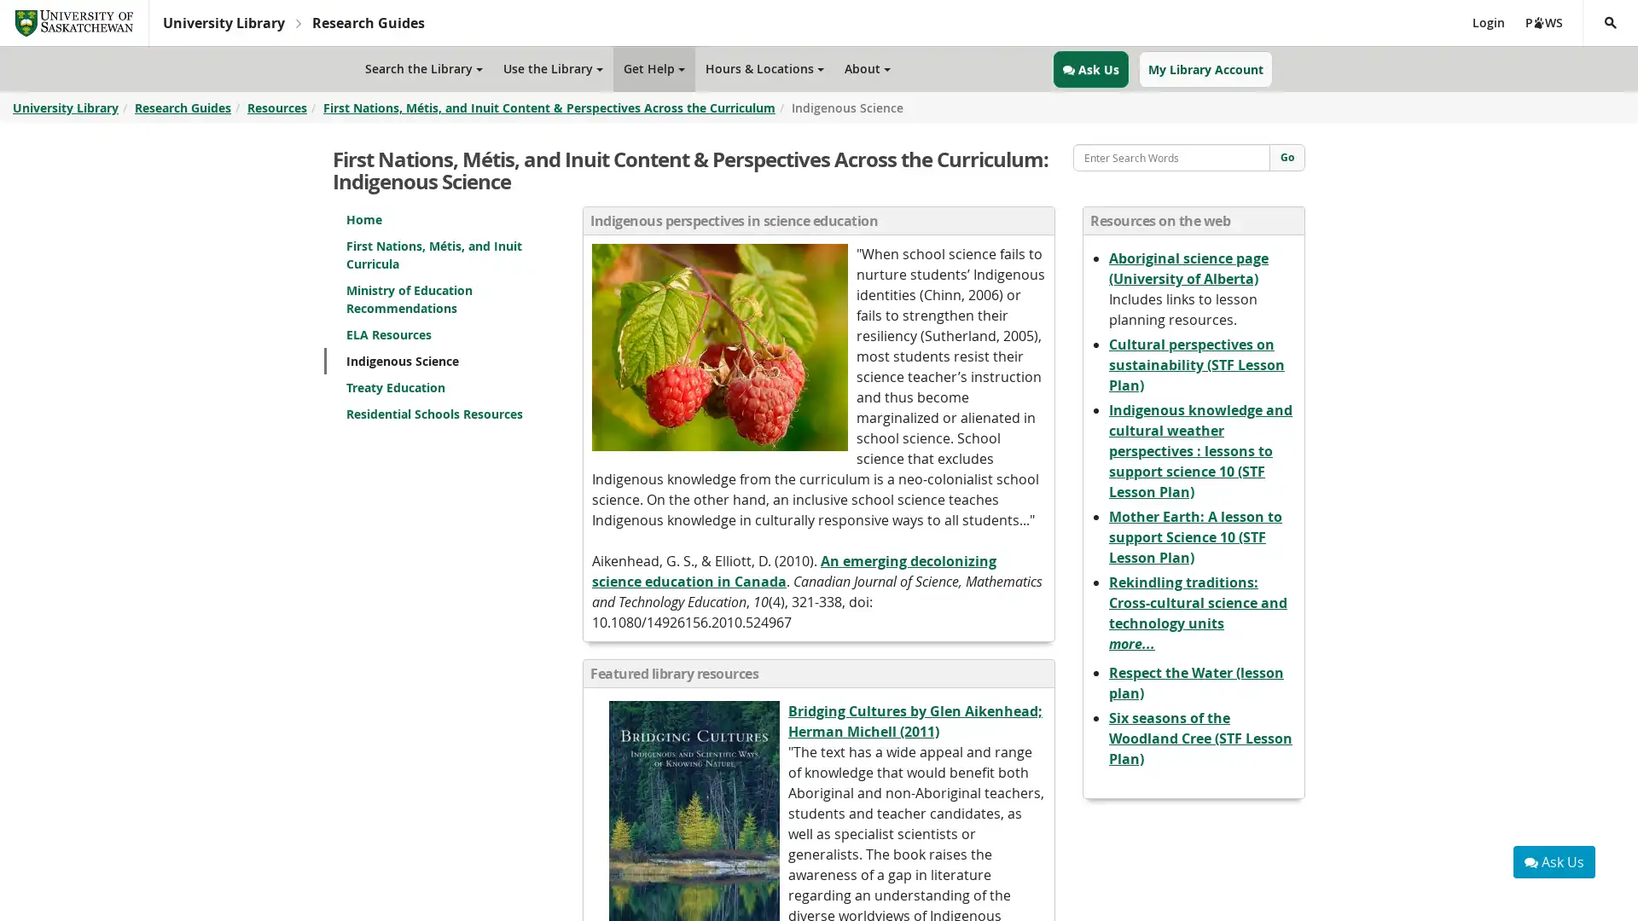  What do you see at coordinates (1287, 158) in the screenshot?
I see `Go` at bounding box center [1287, 158].